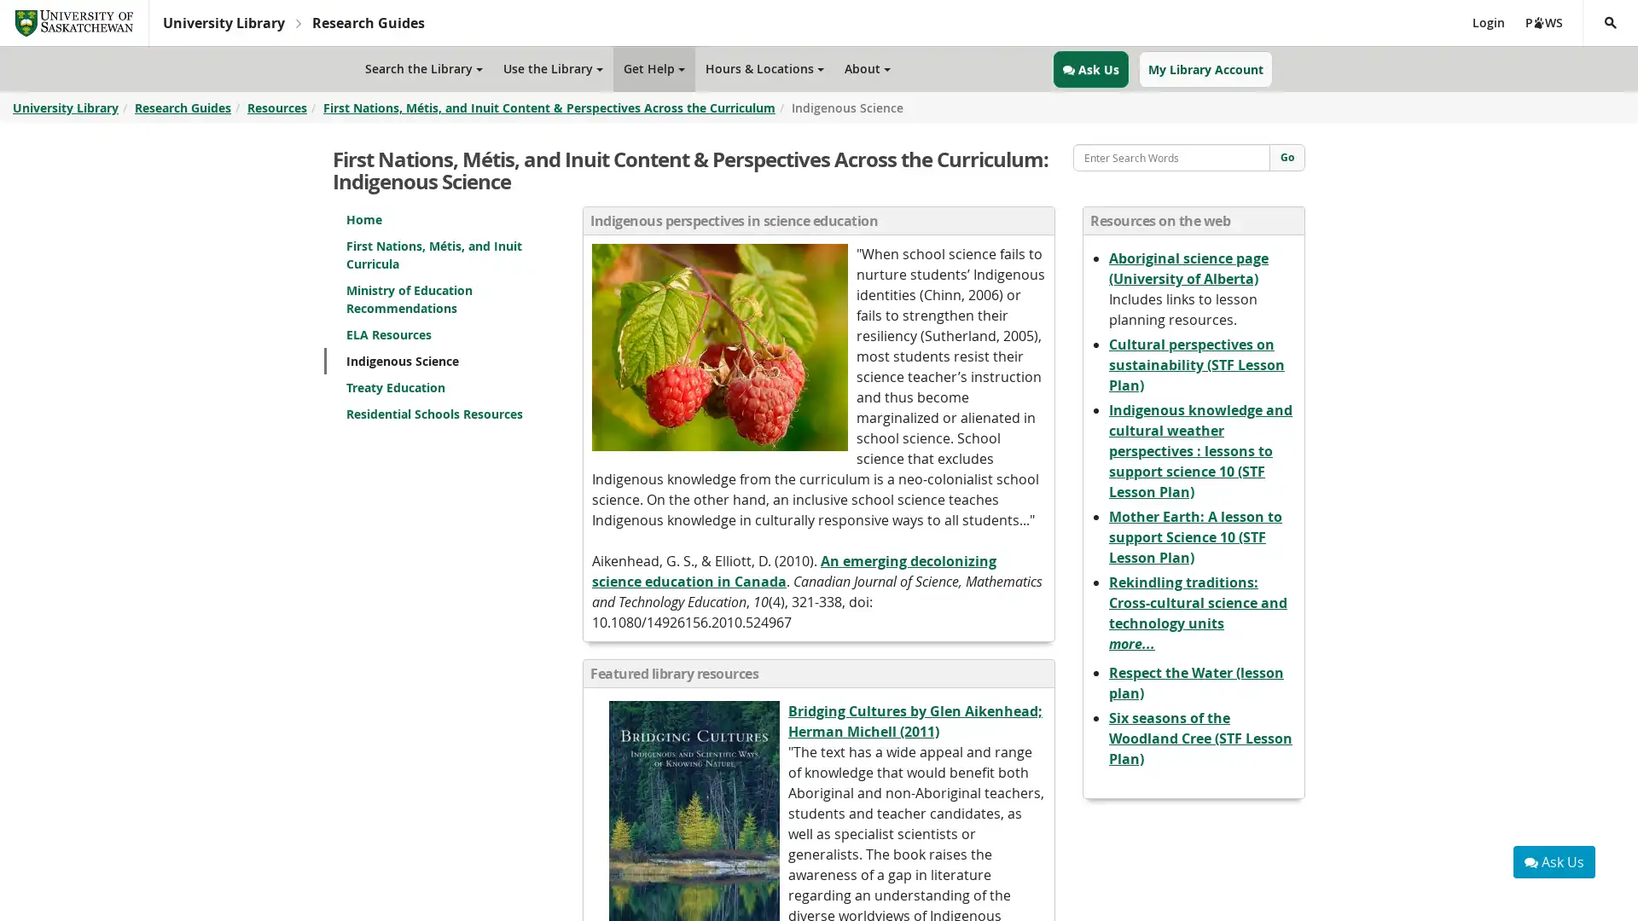  What do you see at coordinates (1287, 158) in the screenshot?
I see `Go` at bounding box center [1287, 158].